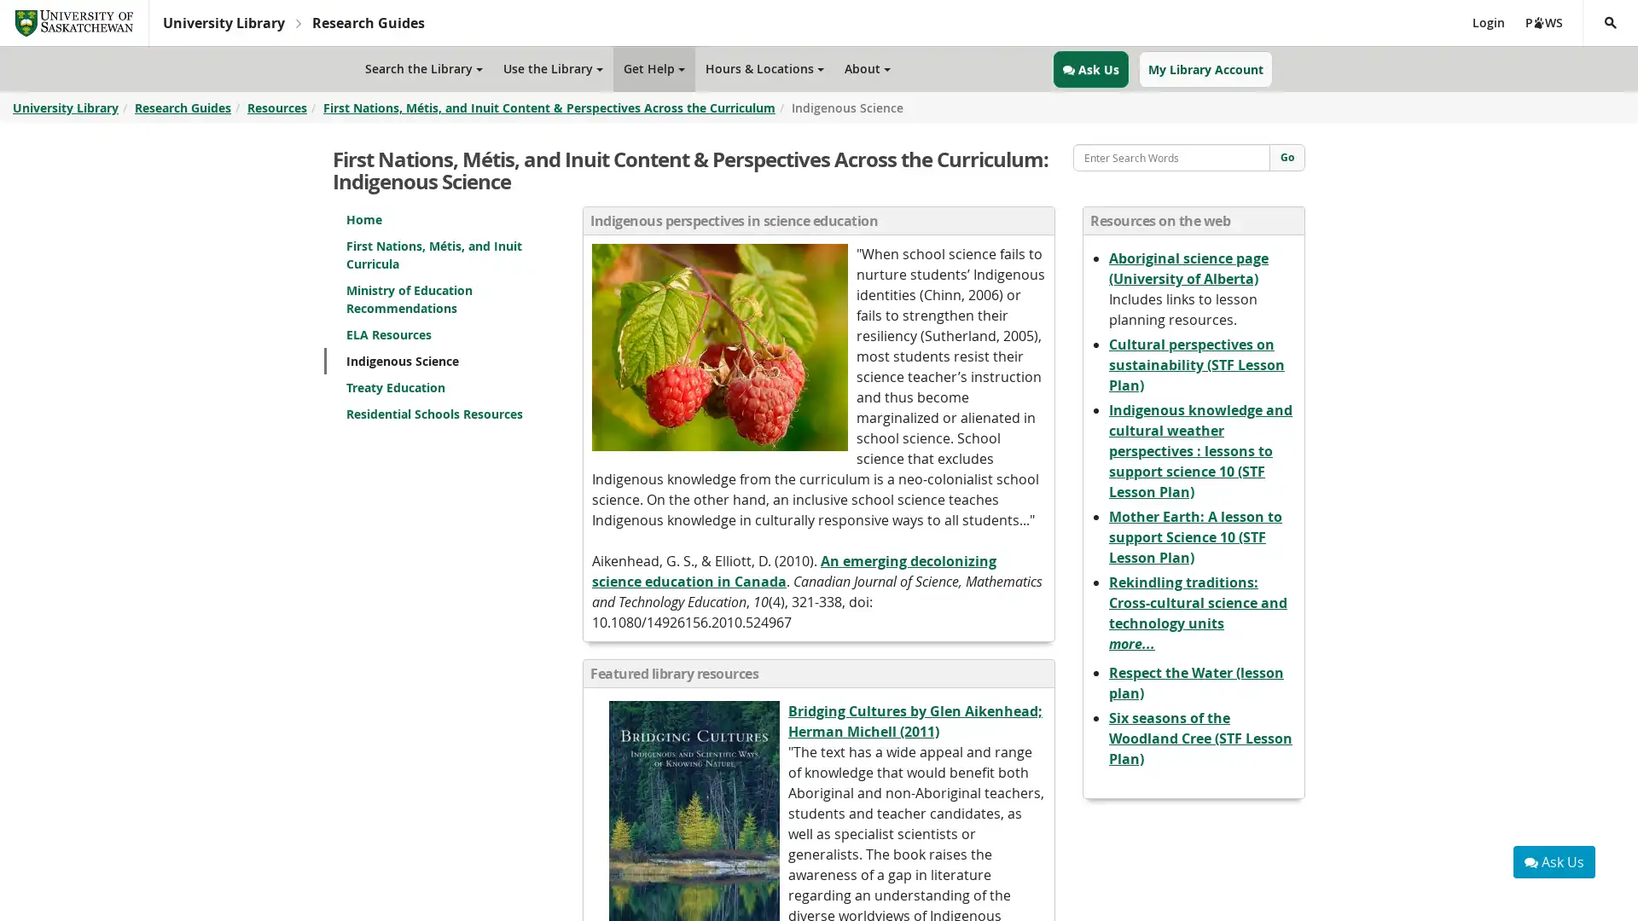  What do you see at coordinates (1287, 158) in the screenshot?
I see `Go` at bounding box center [1287, 158].